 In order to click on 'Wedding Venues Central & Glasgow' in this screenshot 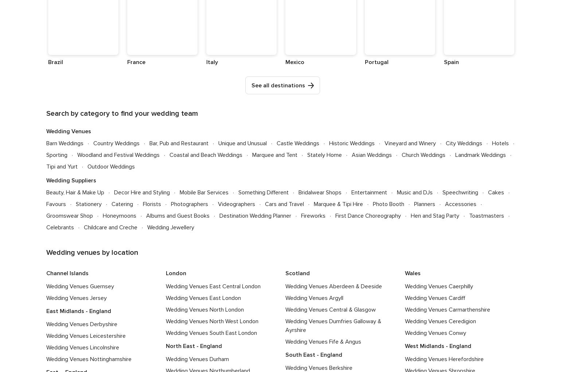, I will do `click(285, 309)`.